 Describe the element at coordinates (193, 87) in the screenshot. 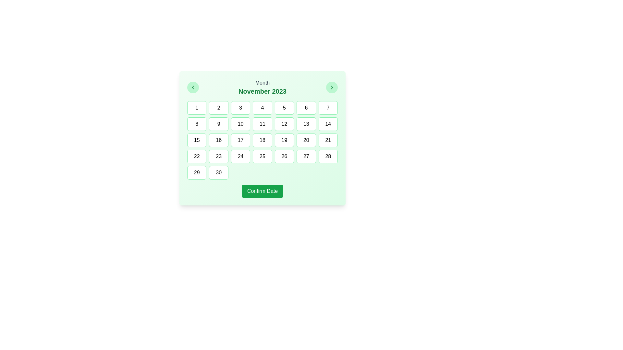

I see `the chevron icon located in the top-left circular area of the calendar UI, which is used for navigating to the previous month` at that location.